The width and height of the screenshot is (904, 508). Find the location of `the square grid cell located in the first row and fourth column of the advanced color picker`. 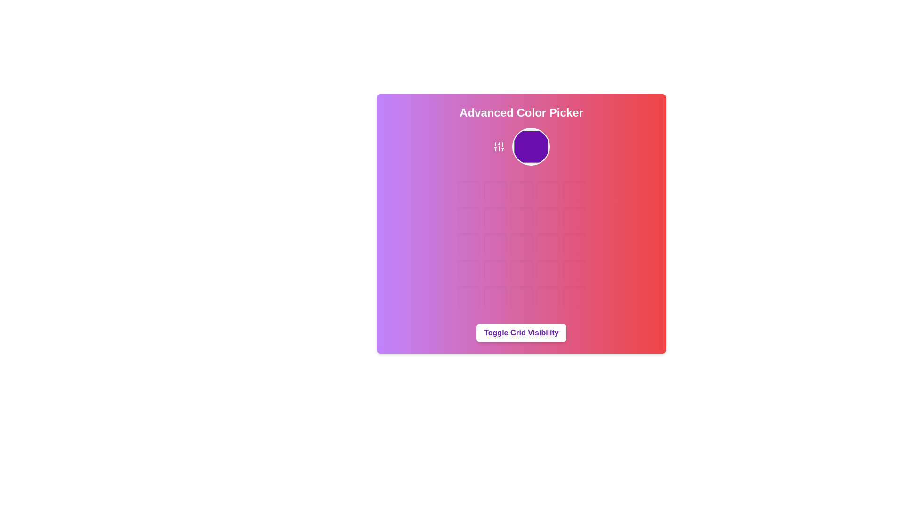

the square grid cell located in the first row and fourth column of the advanced color picker is located at coordinates (548, 191).